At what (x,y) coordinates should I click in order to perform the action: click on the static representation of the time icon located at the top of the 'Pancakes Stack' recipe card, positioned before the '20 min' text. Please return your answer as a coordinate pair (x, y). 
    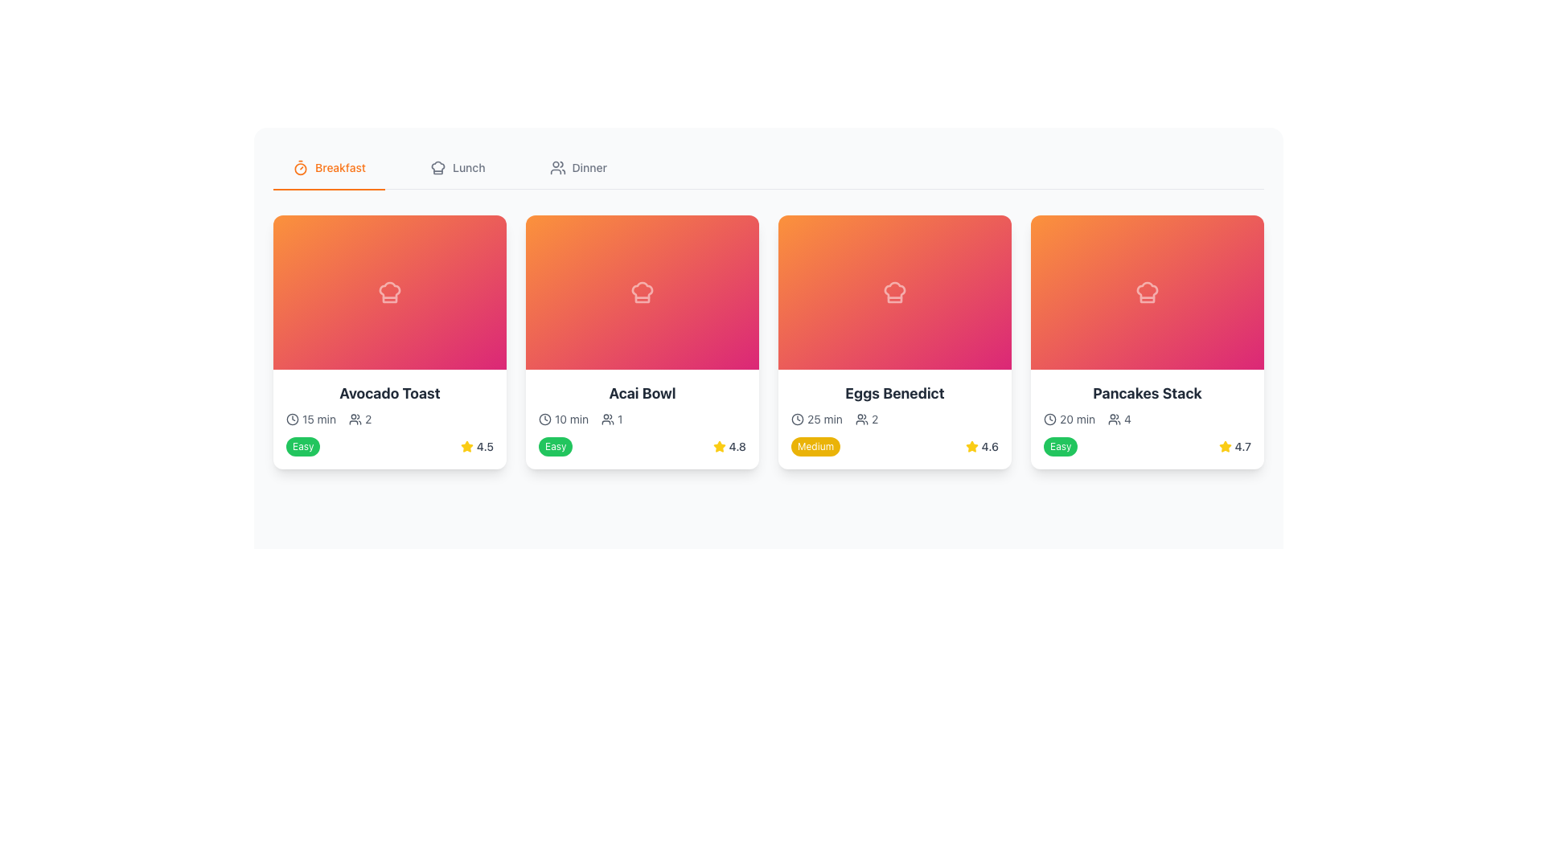
    Looking at the image, I should click on (1049, 418).